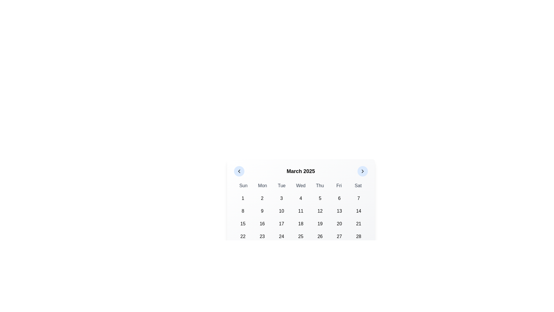 The image size is (554, 312). Describe the element at coordinates (243, 236) in the screenshot. I see `the button representing the 22nd day in the calendar view` at that location.